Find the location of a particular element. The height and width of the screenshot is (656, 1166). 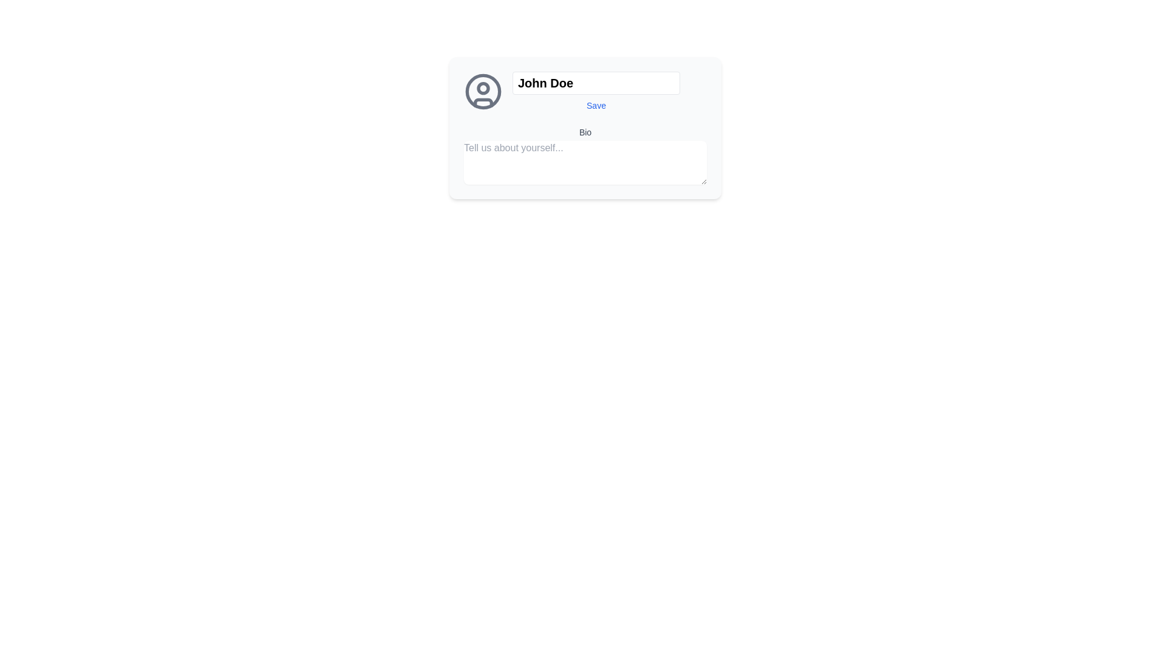

the graphical indicator located at the center top of the circular avatar icon in the user profile section, which represents a notification or status indicator is located at coordinates (483, 87).